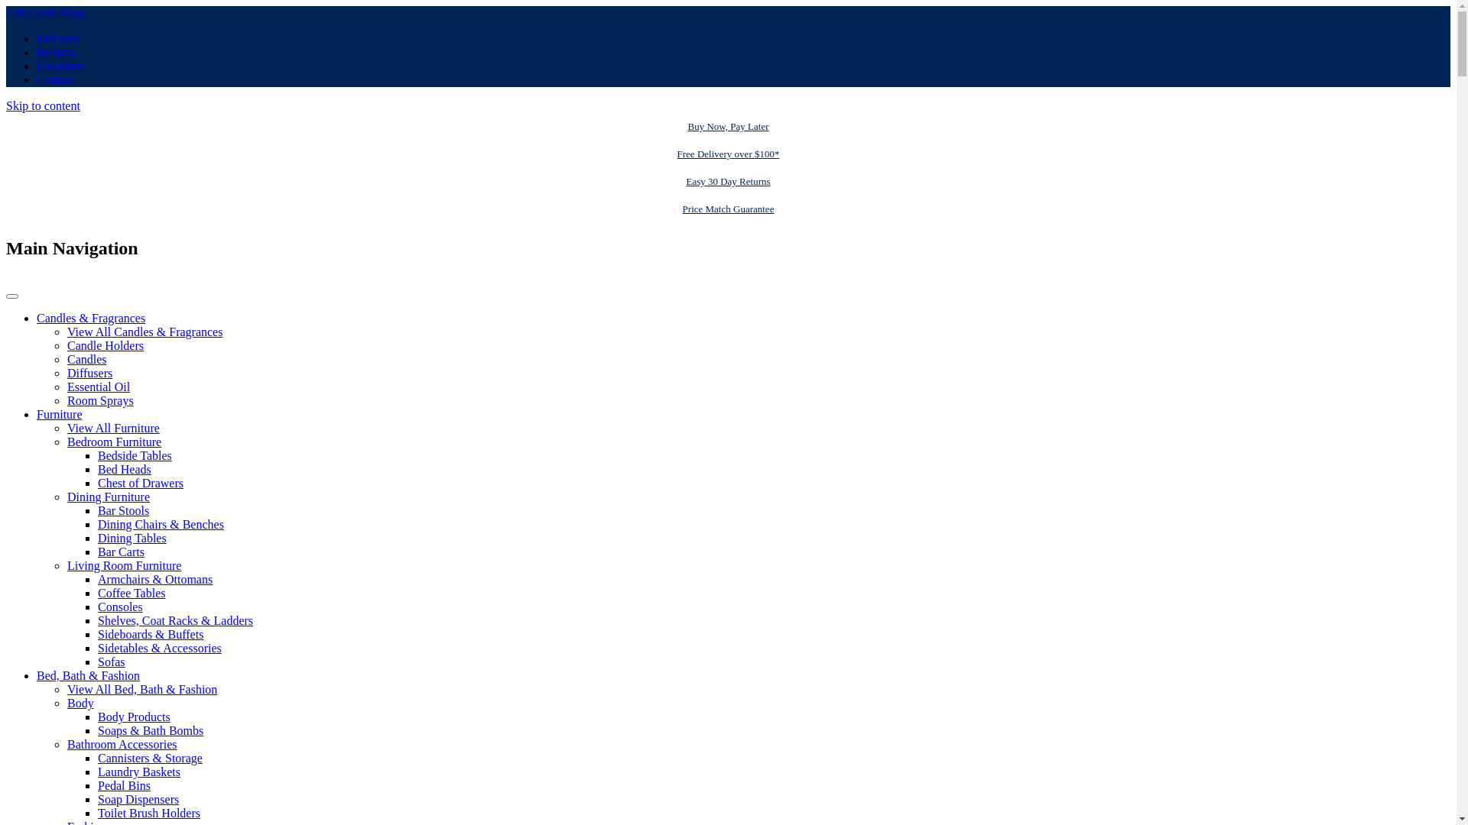  What do you see at coordinates (97, 730) in the screenshot?
I see `'Soaps & Bath Bombs'` at bounding box center [97, 730].